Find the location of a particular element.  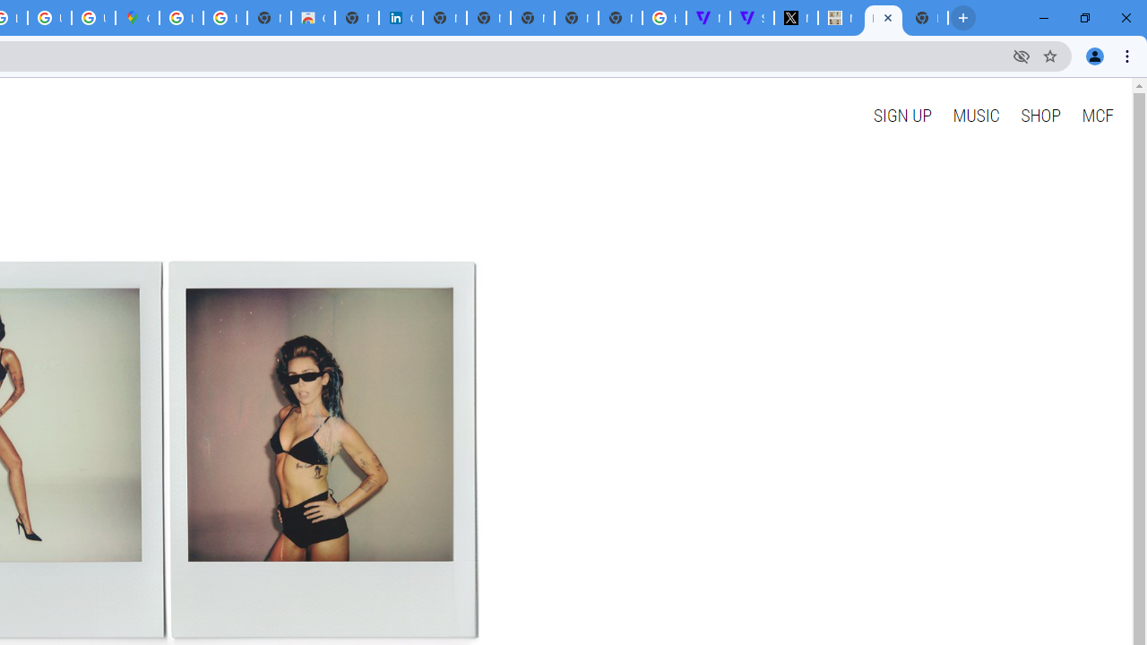

'SHOP' is located at coordinates (1040, 115).